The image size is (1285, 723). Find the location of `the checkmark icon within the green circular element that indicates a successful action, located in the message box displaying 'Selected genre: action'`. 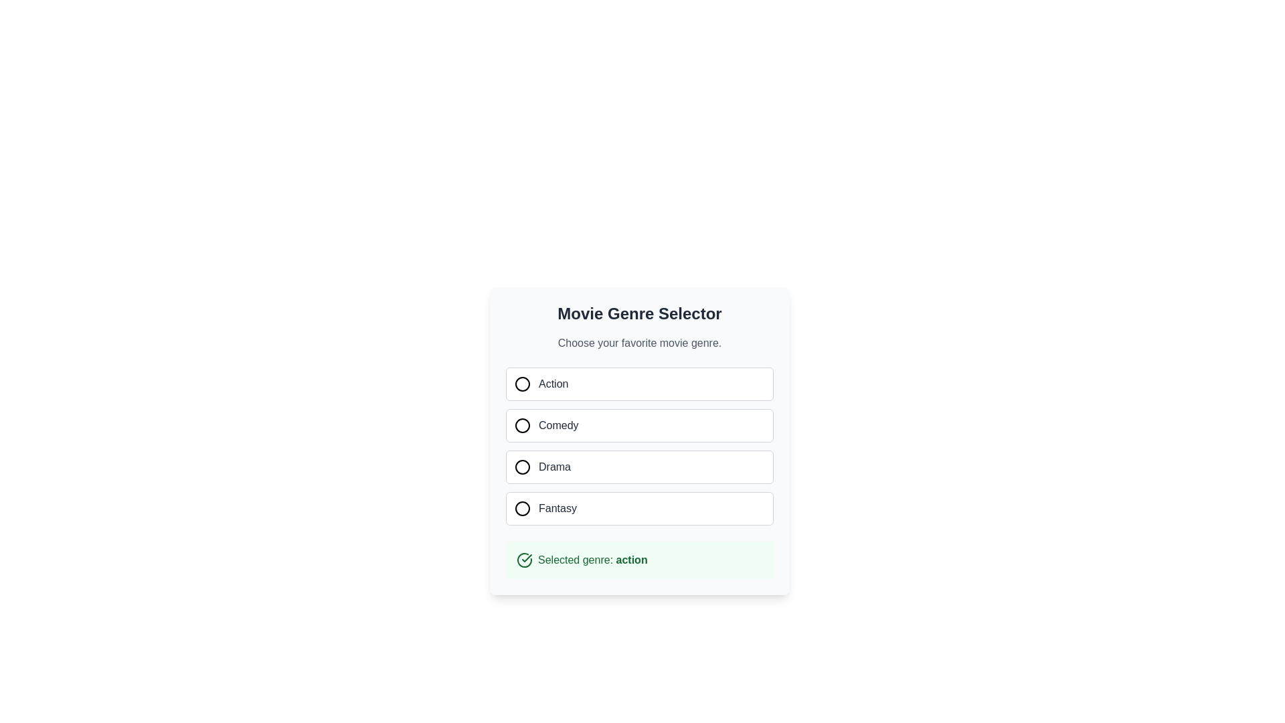

the checkmark icon within the green circular element that indicates a successful action, located in the message box displaying 'Selected genre: action' is located at coordinates (526, 558).